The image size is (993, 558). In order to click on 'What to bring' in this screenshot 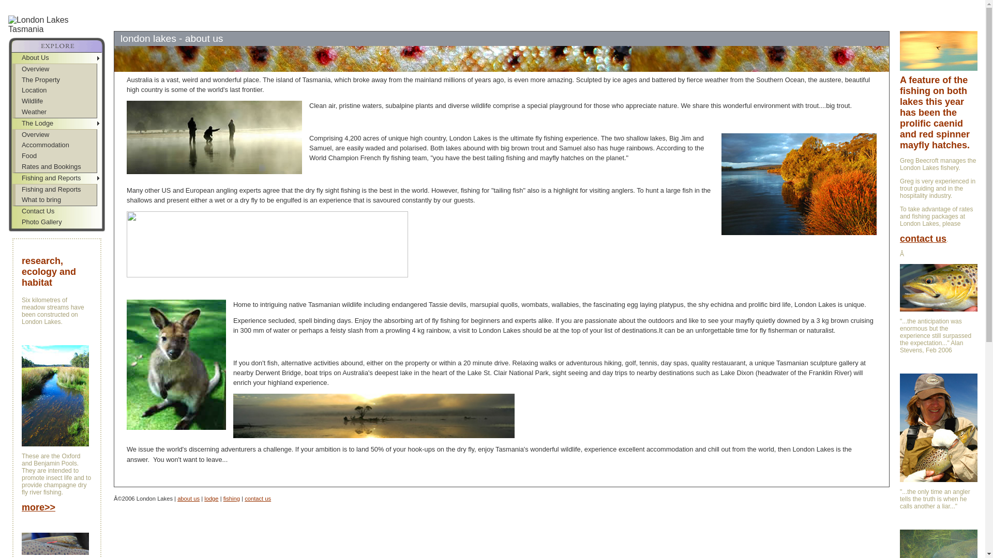, I will do `click(55, 200)`.